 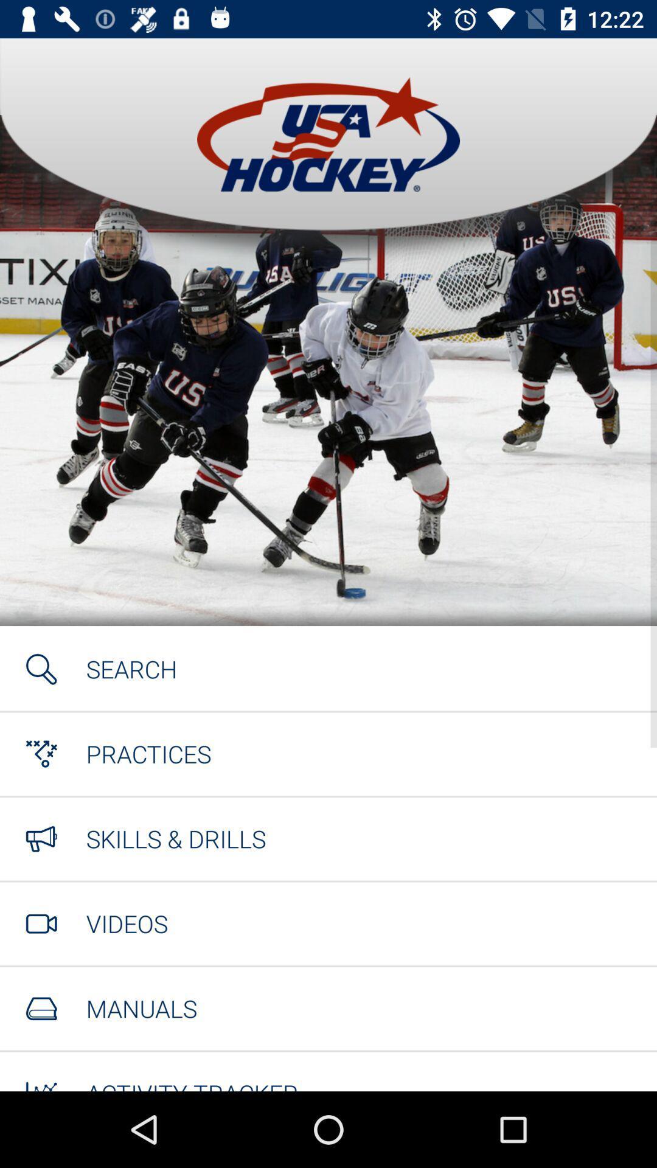 I want to click on the item below search, so click(x=148, y=753).